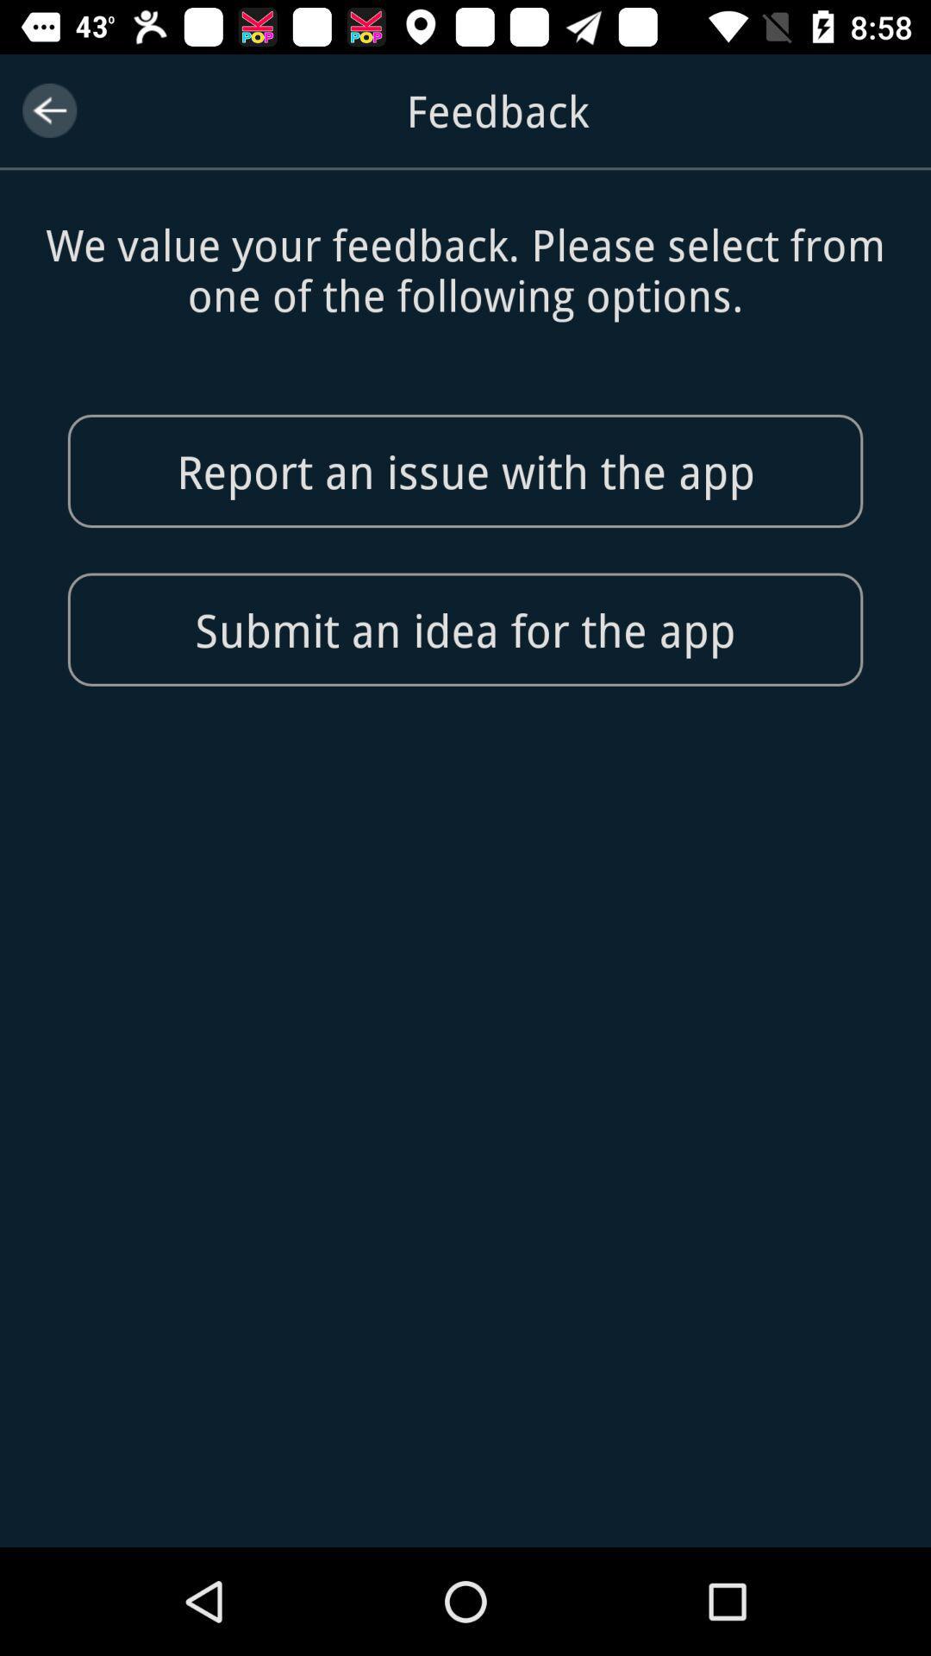 Image resolution: width=931 pixels, height=1656 pixels. Describe the element at coordinates (48, 110) in the screenshot. I see `the arrow_backward icon` at that location.